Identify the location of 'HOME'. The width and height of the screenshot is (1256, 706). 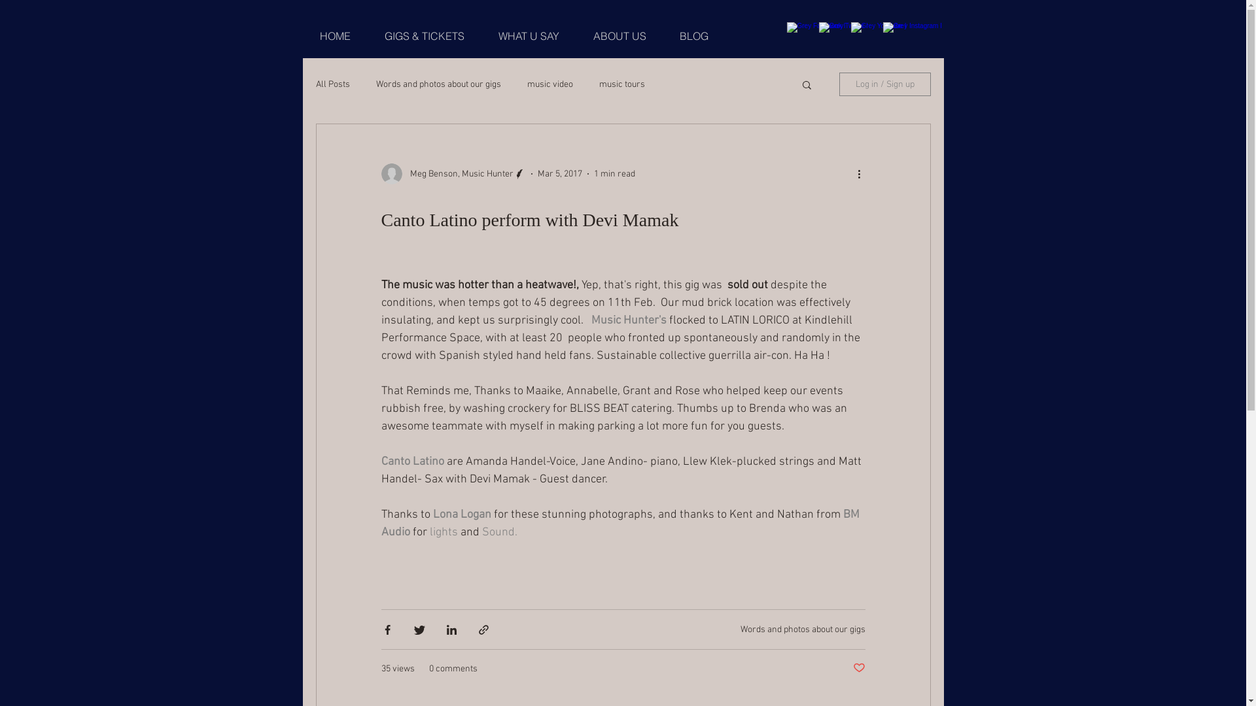
(334, 35).